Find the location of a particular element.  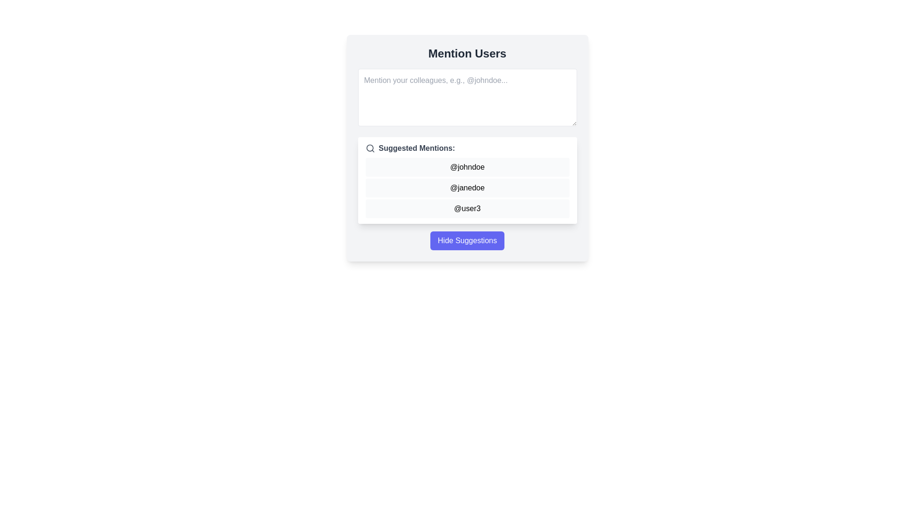

the rounded rectangle button displaying '@user3' in black font on a light gray background is located at coordinates (467, 208).